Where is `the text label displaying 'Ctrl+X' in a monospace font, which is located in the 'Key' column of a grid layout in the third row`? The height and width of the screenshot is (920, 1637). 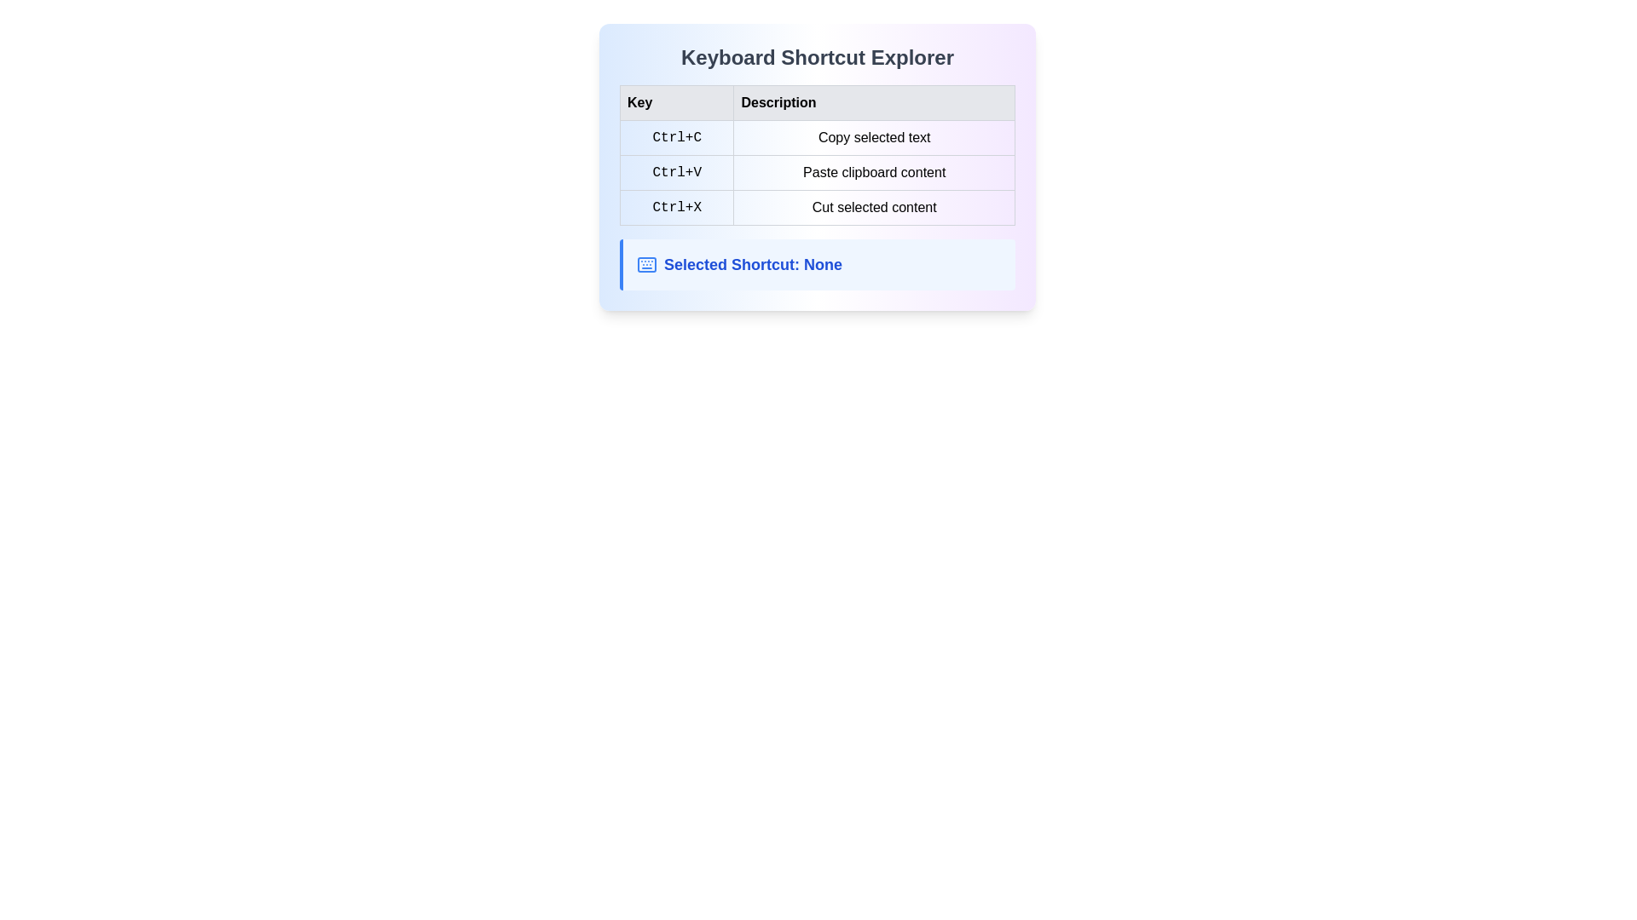
the text label displaying 'Ctrl+X' in a monospace font, which is located in the 'Key' column of a grid layout in the third row is located at coordinates (676, 206).